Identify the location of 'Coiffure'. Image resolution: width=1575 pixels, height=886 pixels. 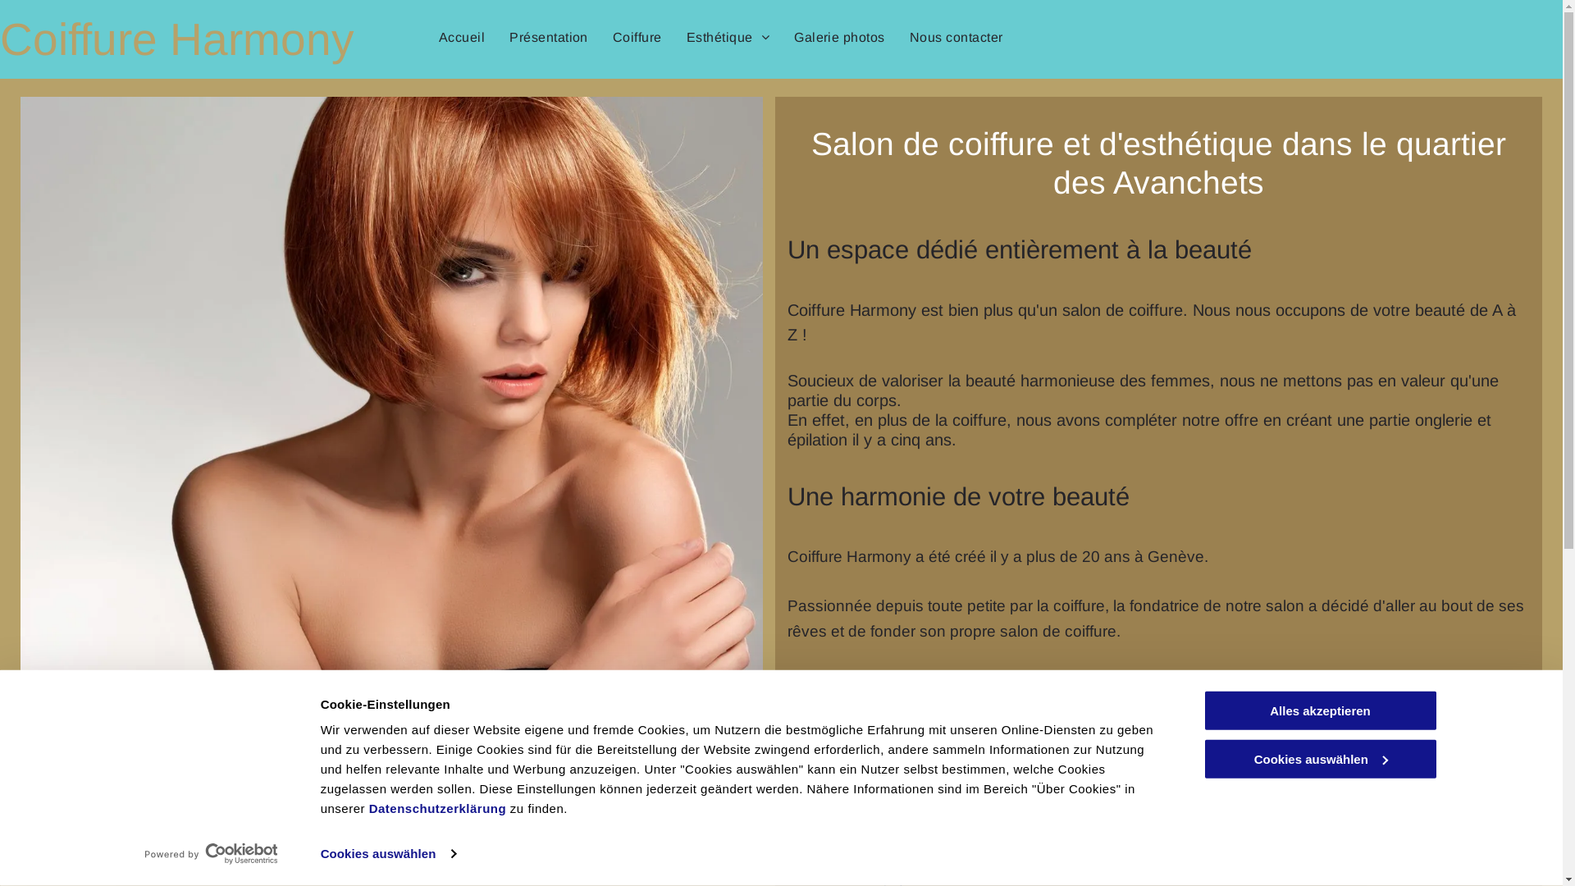
(637, 37).